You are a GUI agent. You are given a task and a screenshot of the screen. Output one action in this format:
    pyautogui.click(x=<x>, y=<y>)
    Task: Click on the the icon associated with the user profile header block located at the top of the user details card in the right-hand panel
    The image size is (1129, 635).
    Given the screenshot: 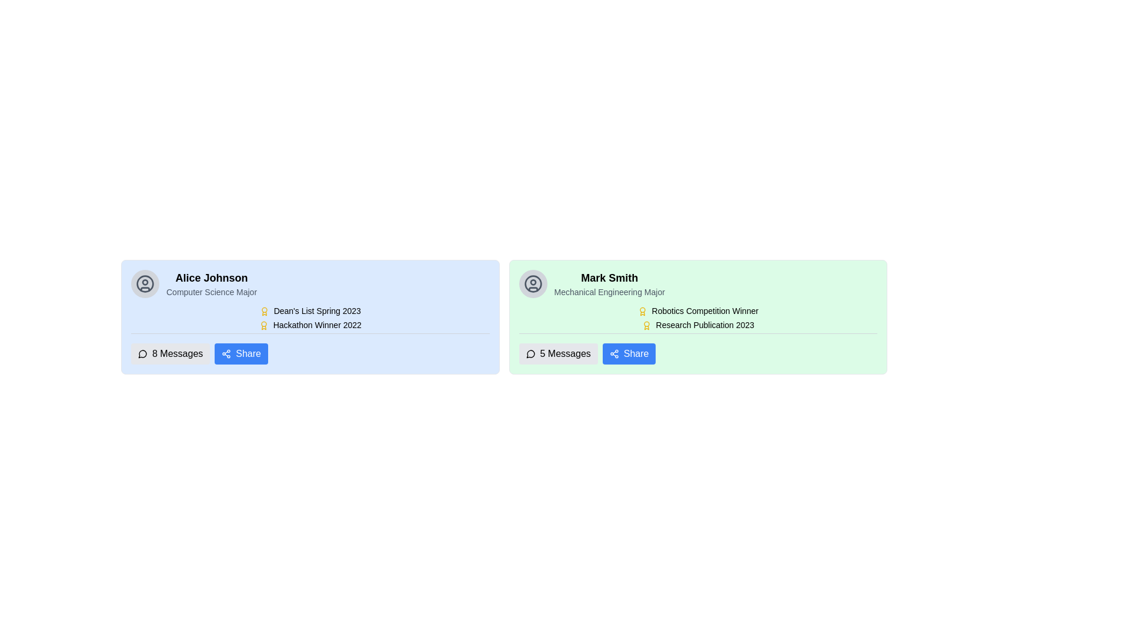 What is the action you would take?
    pyautogui.click(x=698, y=283)
    